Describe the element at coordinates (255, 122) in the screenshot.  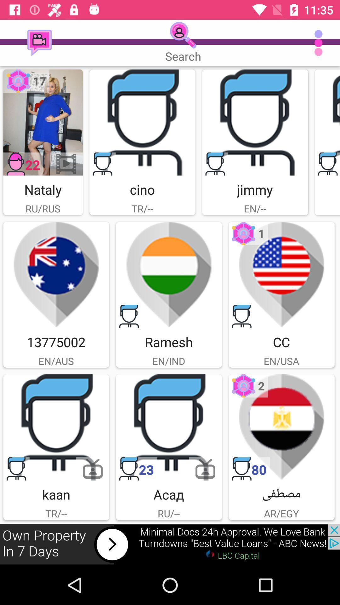
I see `click the jimmy icon` at that location.